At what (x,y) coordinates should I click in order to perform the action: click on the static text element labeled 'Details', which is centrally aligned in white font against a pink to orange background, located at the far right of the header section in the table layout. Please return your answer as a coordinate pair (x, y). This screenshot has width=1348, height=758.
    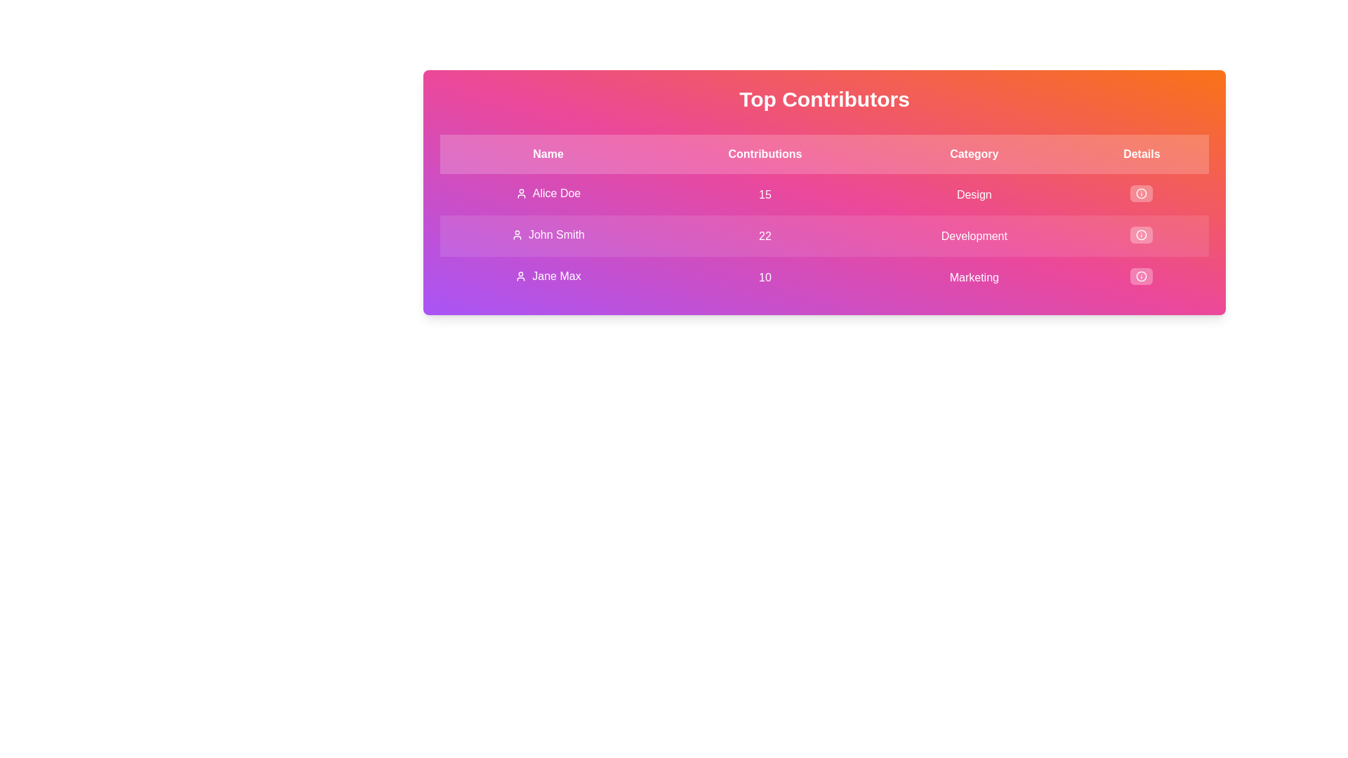
    Looking at the image, I should click on (1142, 154).